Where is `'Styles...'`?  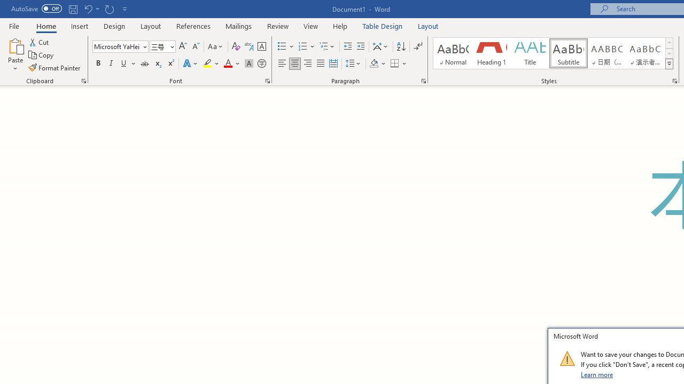
'Styles...' is located at coordinates (674, 80).